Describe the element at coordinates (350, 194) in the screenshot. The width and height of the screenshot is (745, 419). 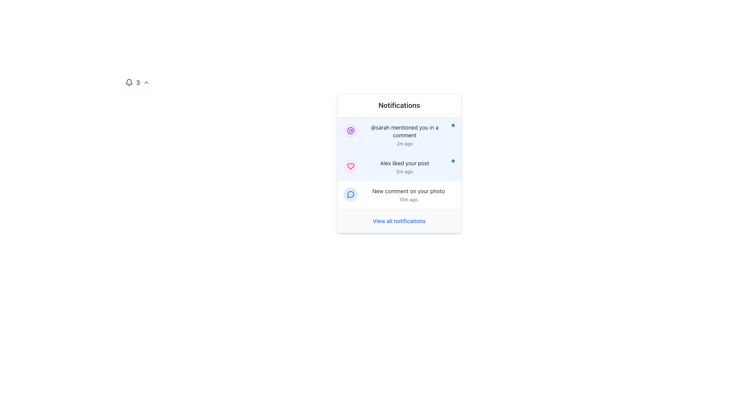
I see `the comment notification icon, which is the leftmost component of the 'New comment on your photo' notification item at the bottom of the notifications list` at that location.